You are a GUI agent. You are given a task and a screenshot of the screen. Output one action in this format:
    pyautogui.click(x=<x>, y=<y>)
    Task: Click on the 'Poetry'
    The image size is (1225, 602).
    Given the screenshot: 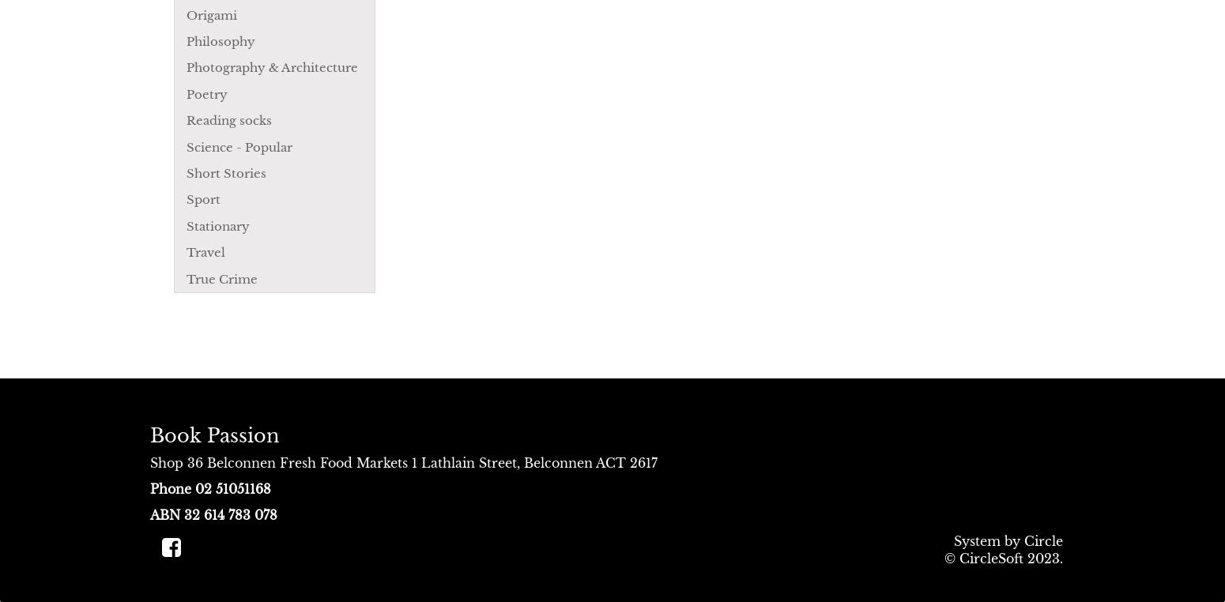 What is the action you would take?
    pyautogui.click(x=206, y=93)
    